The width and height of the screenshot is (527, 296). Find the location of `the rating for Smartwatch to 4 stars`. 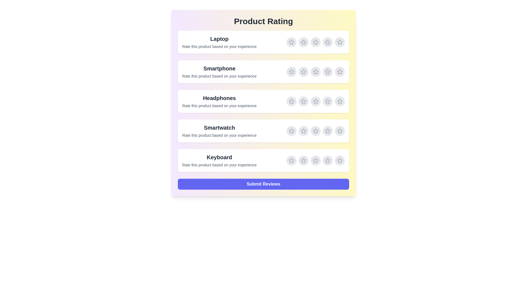

the rating for Smartwatch to 4 stars is located at coordinates (328, 131).